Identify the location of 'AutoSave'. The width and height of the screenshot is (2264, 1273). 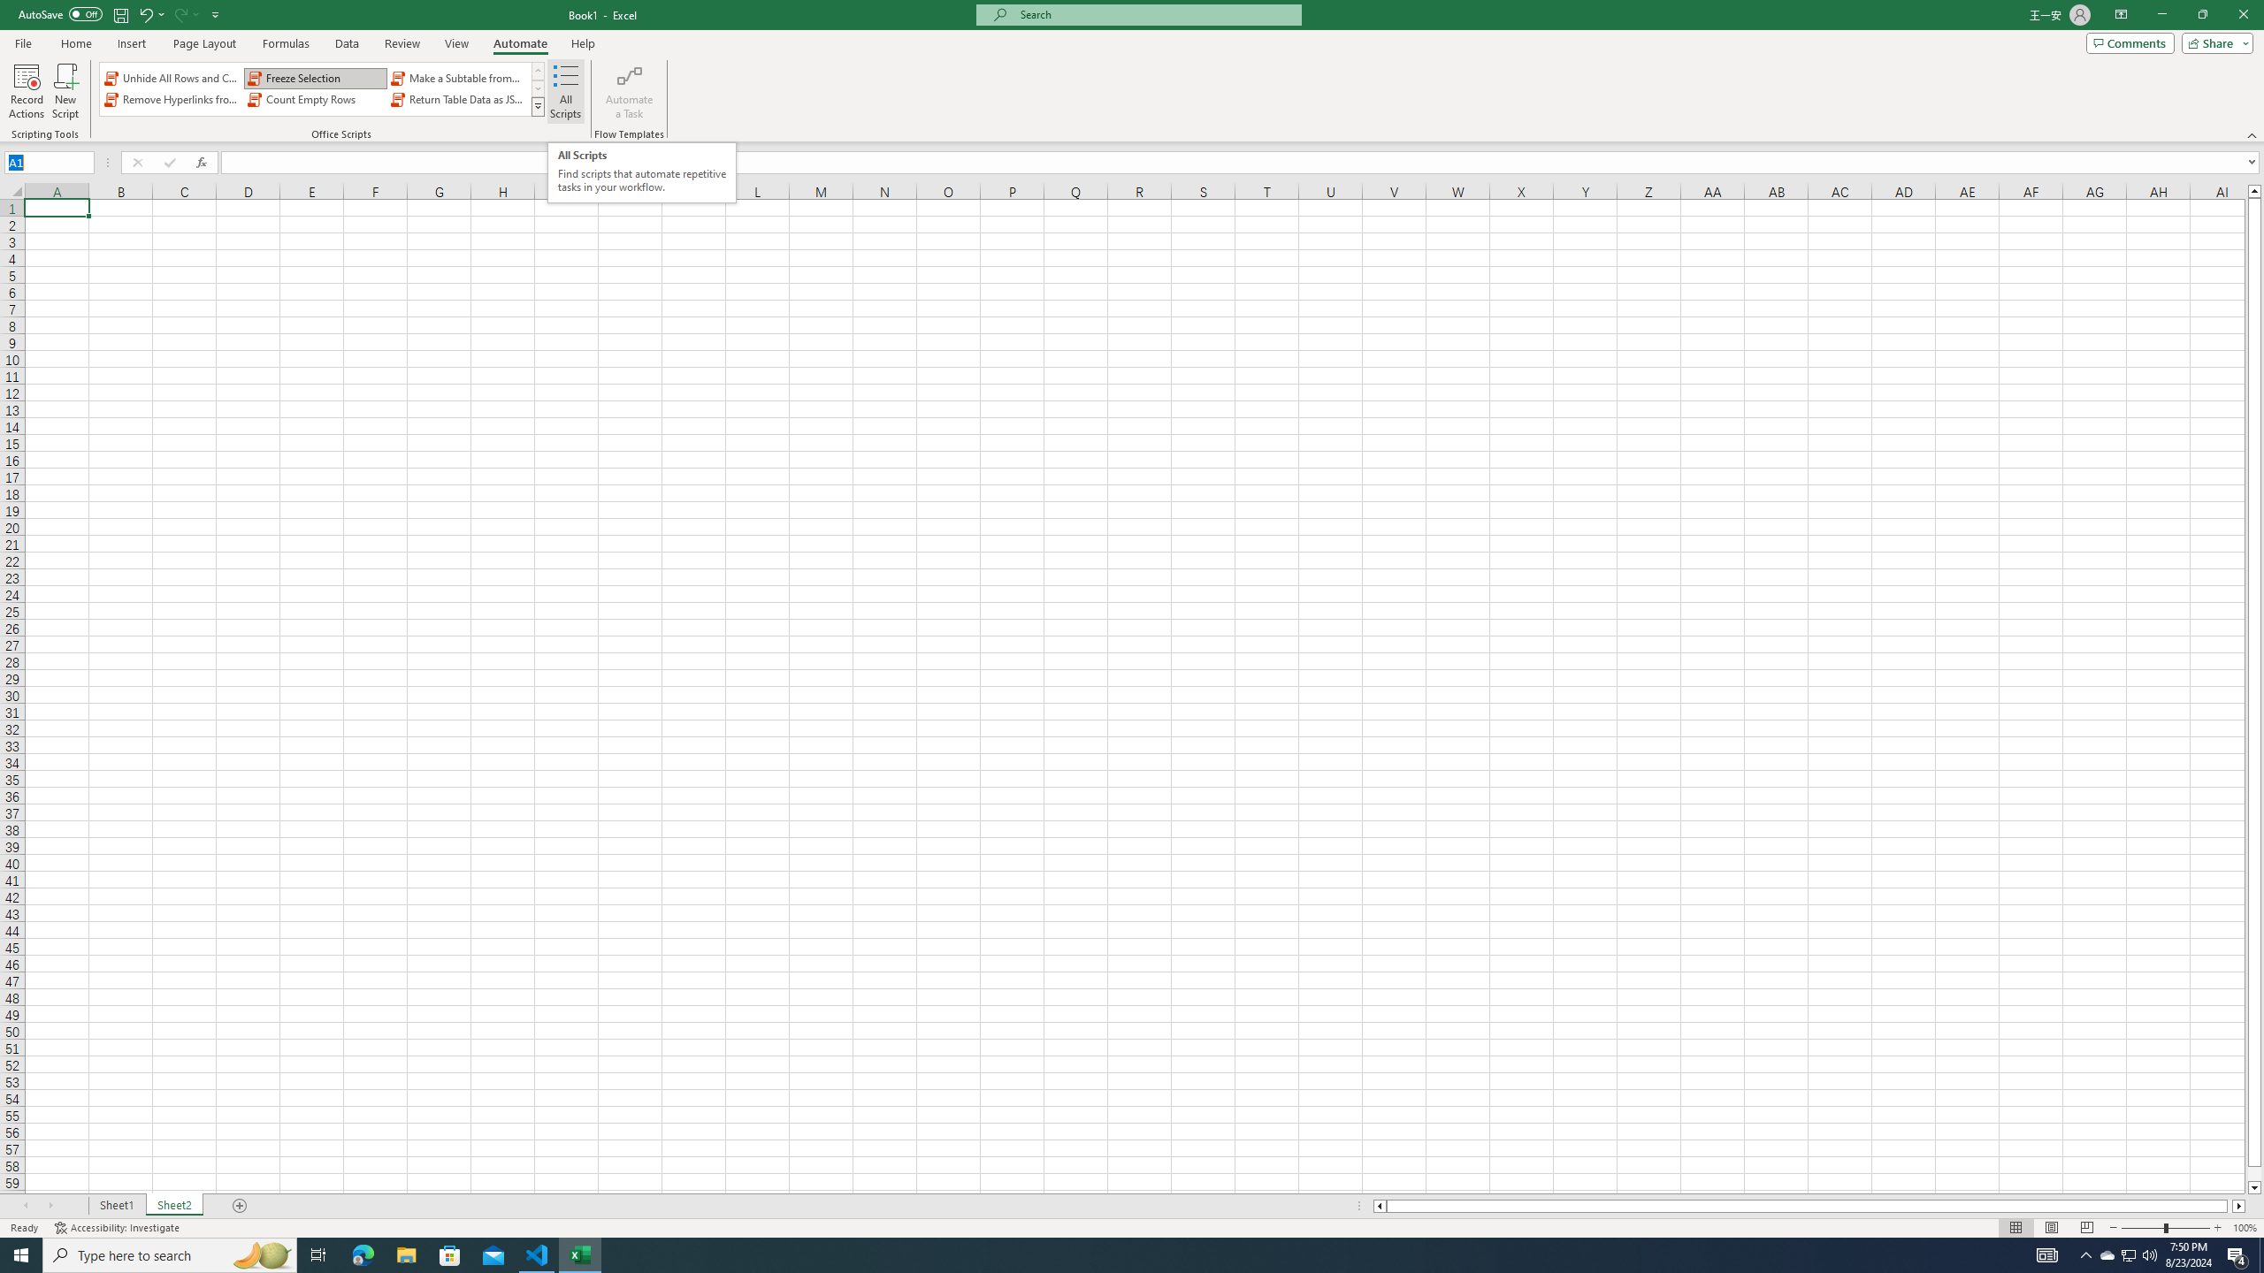
(61, 13).